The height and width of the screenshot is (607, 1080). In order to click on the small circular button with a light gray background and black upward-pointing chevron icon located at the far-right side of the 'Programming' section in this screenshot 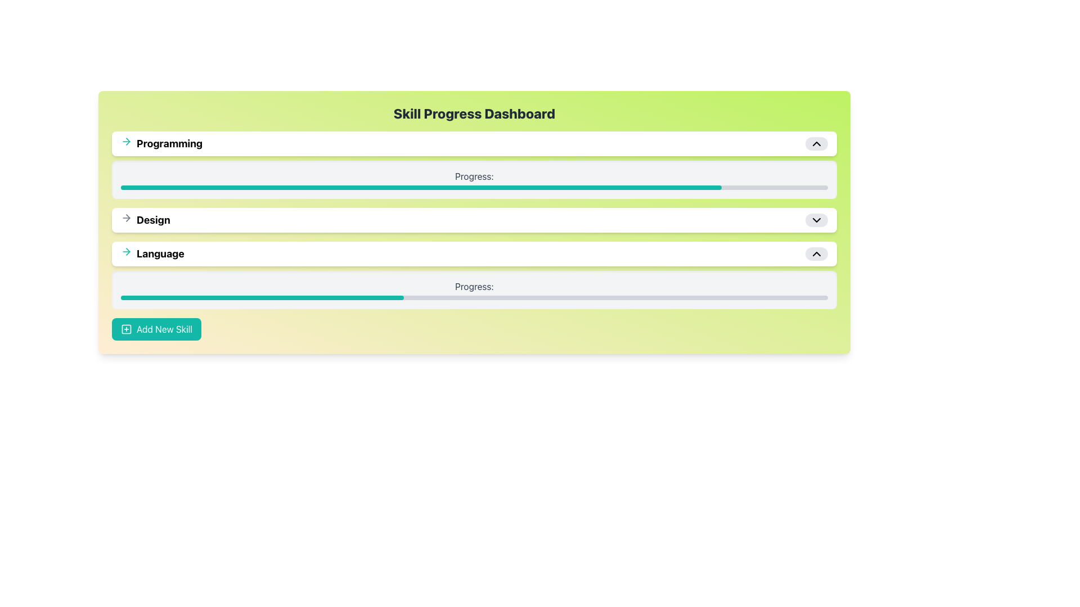, I will do `click(816, 143)`.